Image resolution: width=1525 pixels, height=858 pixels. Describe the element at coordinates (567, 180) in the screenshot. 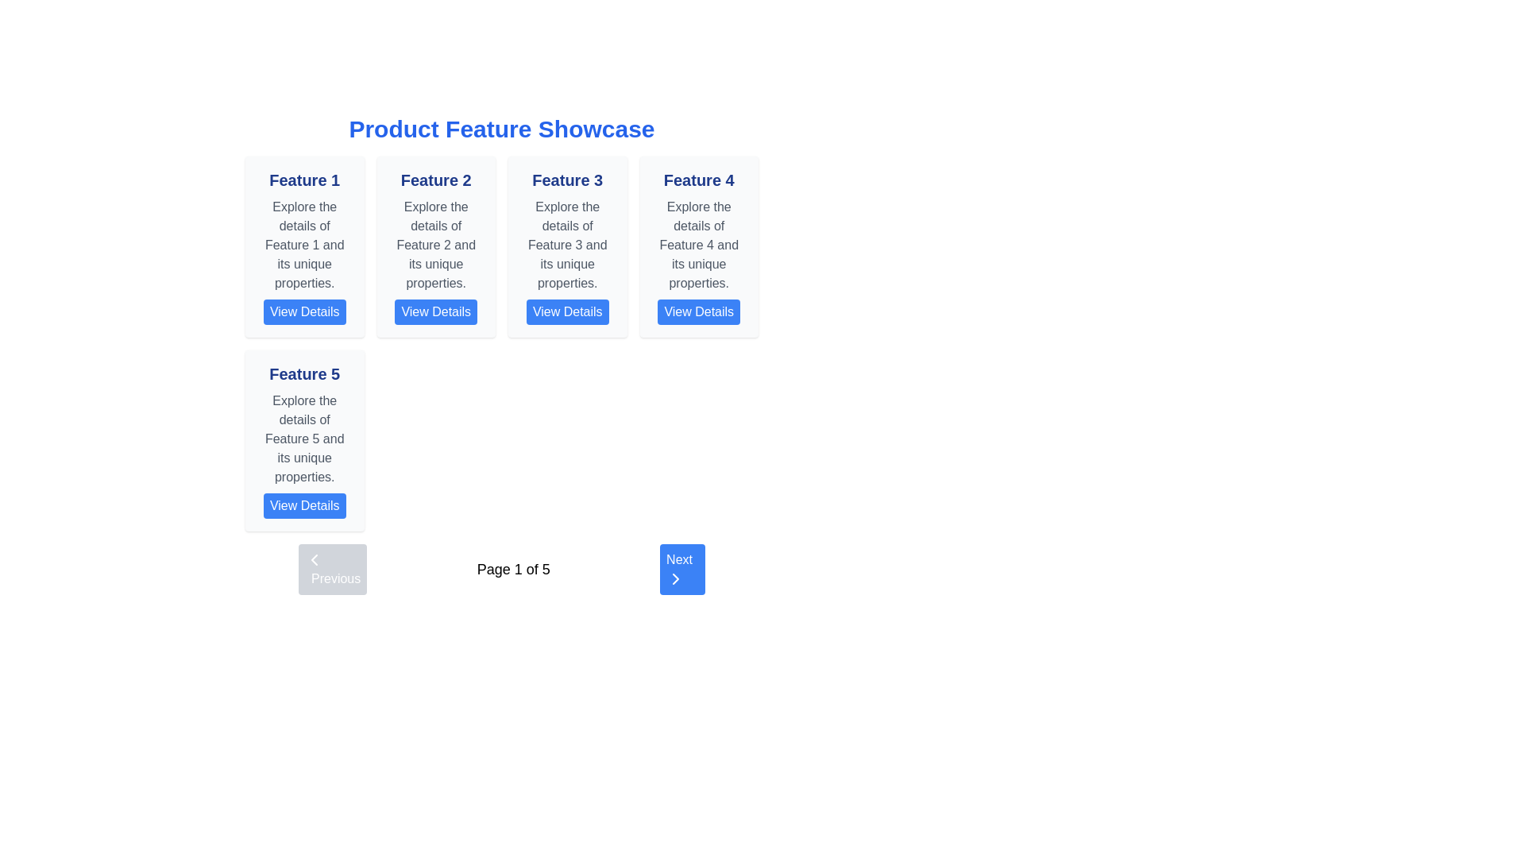

I see `the text label labeled 'Feature 3', which is bold and blue, positioned at the top of the third card in the top row of the grid interface` at that location.